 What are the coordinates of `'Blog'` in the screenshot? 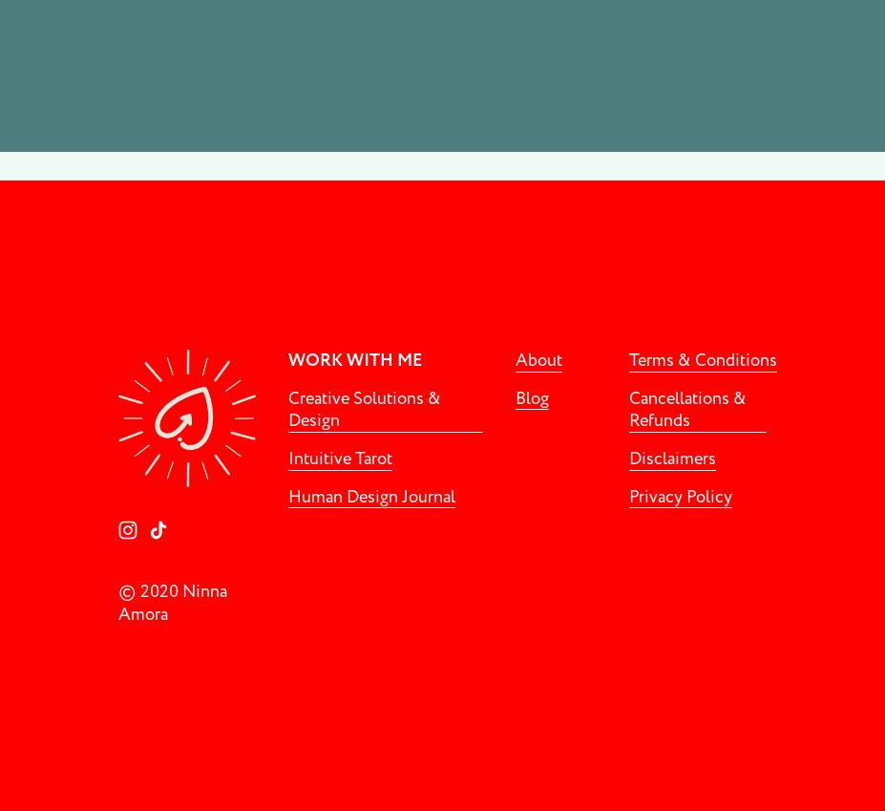 It's located at (531, 396).